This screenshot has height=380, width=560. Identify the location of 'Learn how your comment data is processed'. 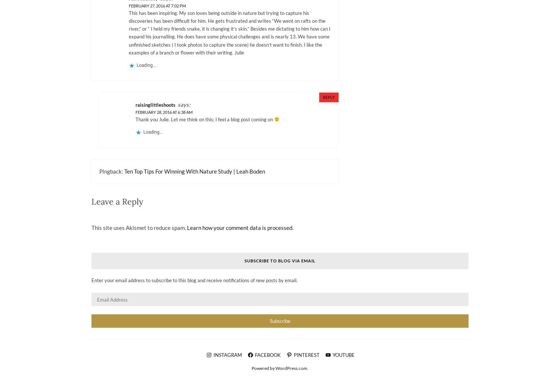
(187, 227).